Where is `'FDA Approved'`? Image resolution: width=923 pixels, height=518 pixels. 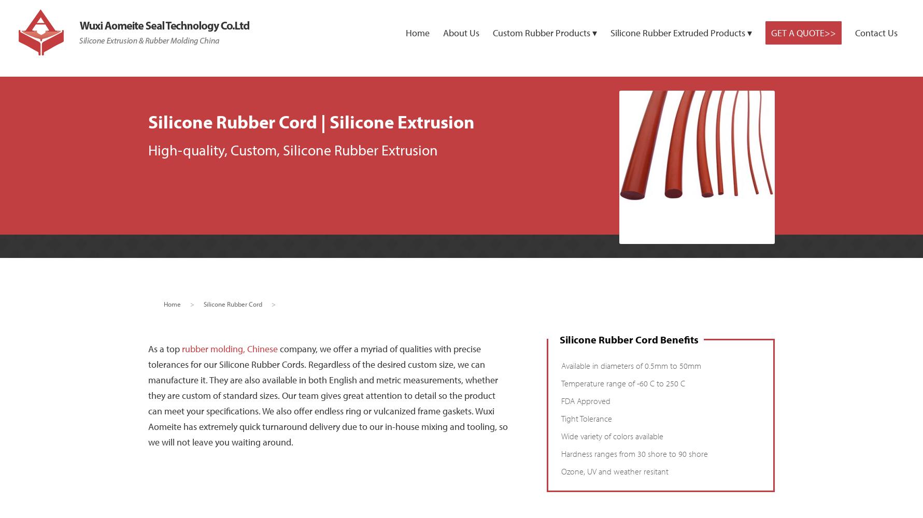 'FDA Approved' is located at coordinates (585, 401).